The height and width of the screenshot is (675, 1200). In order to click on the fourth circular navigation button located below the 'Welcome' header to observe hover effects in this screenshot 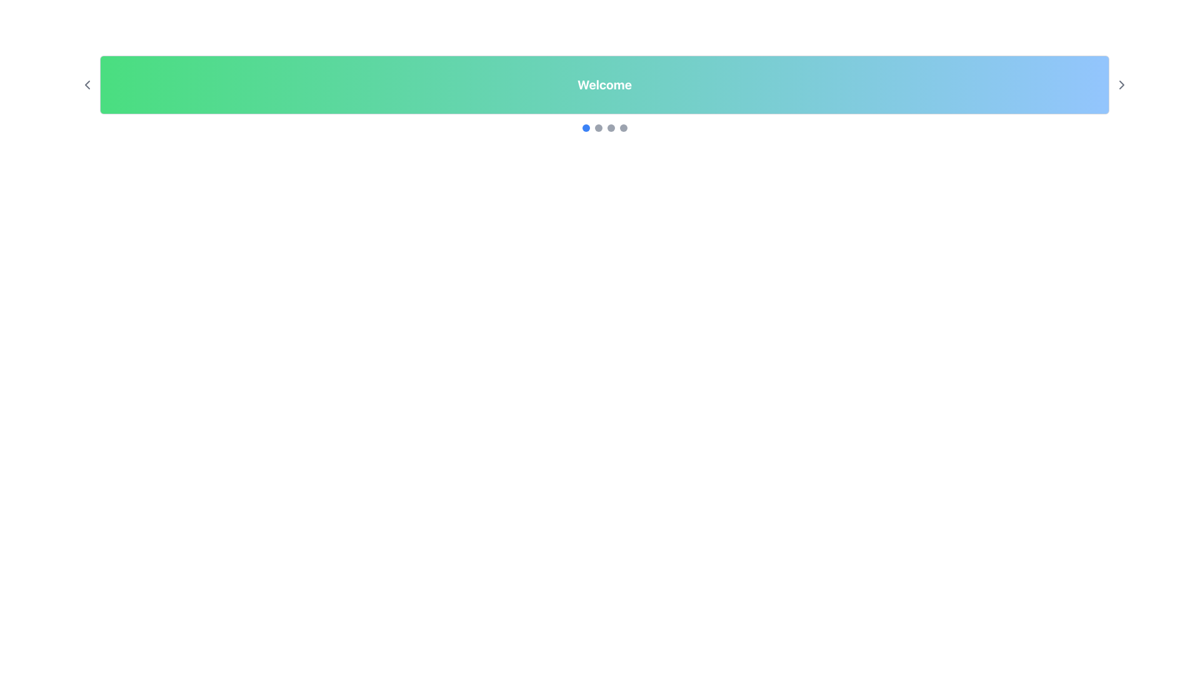, I will do `click(623, 127)`.